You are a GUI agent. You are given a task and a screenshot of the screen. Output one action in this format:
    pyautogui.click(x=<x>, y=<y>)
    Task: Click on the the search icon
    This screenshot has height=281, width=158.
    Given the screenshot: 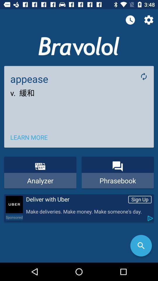 What is the action you would take?
    pyautogui.click(x=141, y=246)
    